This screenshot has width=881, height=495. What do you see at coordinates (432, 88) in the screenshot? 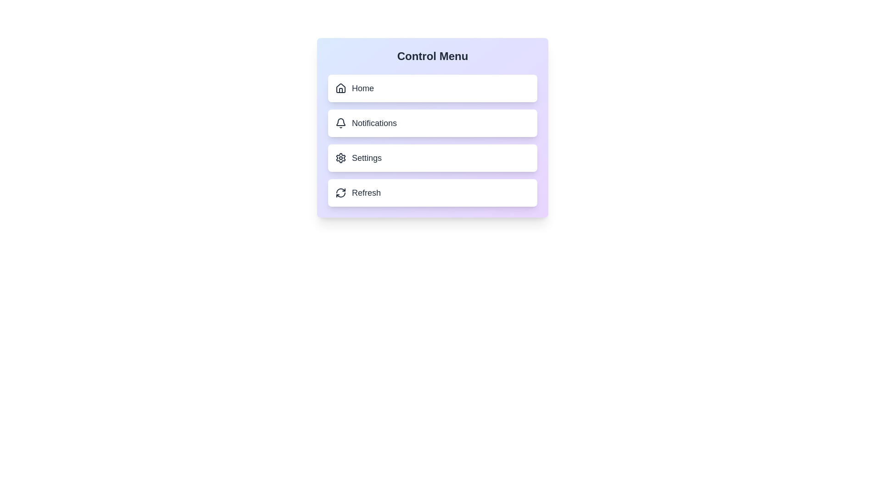
I see `the menu option Home to observe the hover effects` at bounding box center [432, 88].